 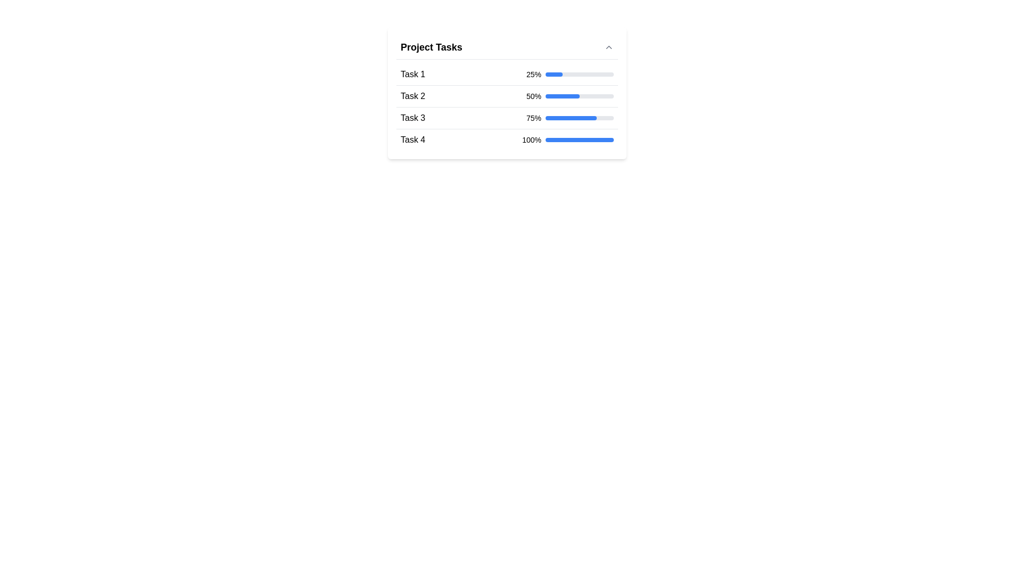 I want to click on the text label displaying '100%' in the fourth row of the task progress list, located to the left of the progress bar for Task 4, so click(x=532, y=139).